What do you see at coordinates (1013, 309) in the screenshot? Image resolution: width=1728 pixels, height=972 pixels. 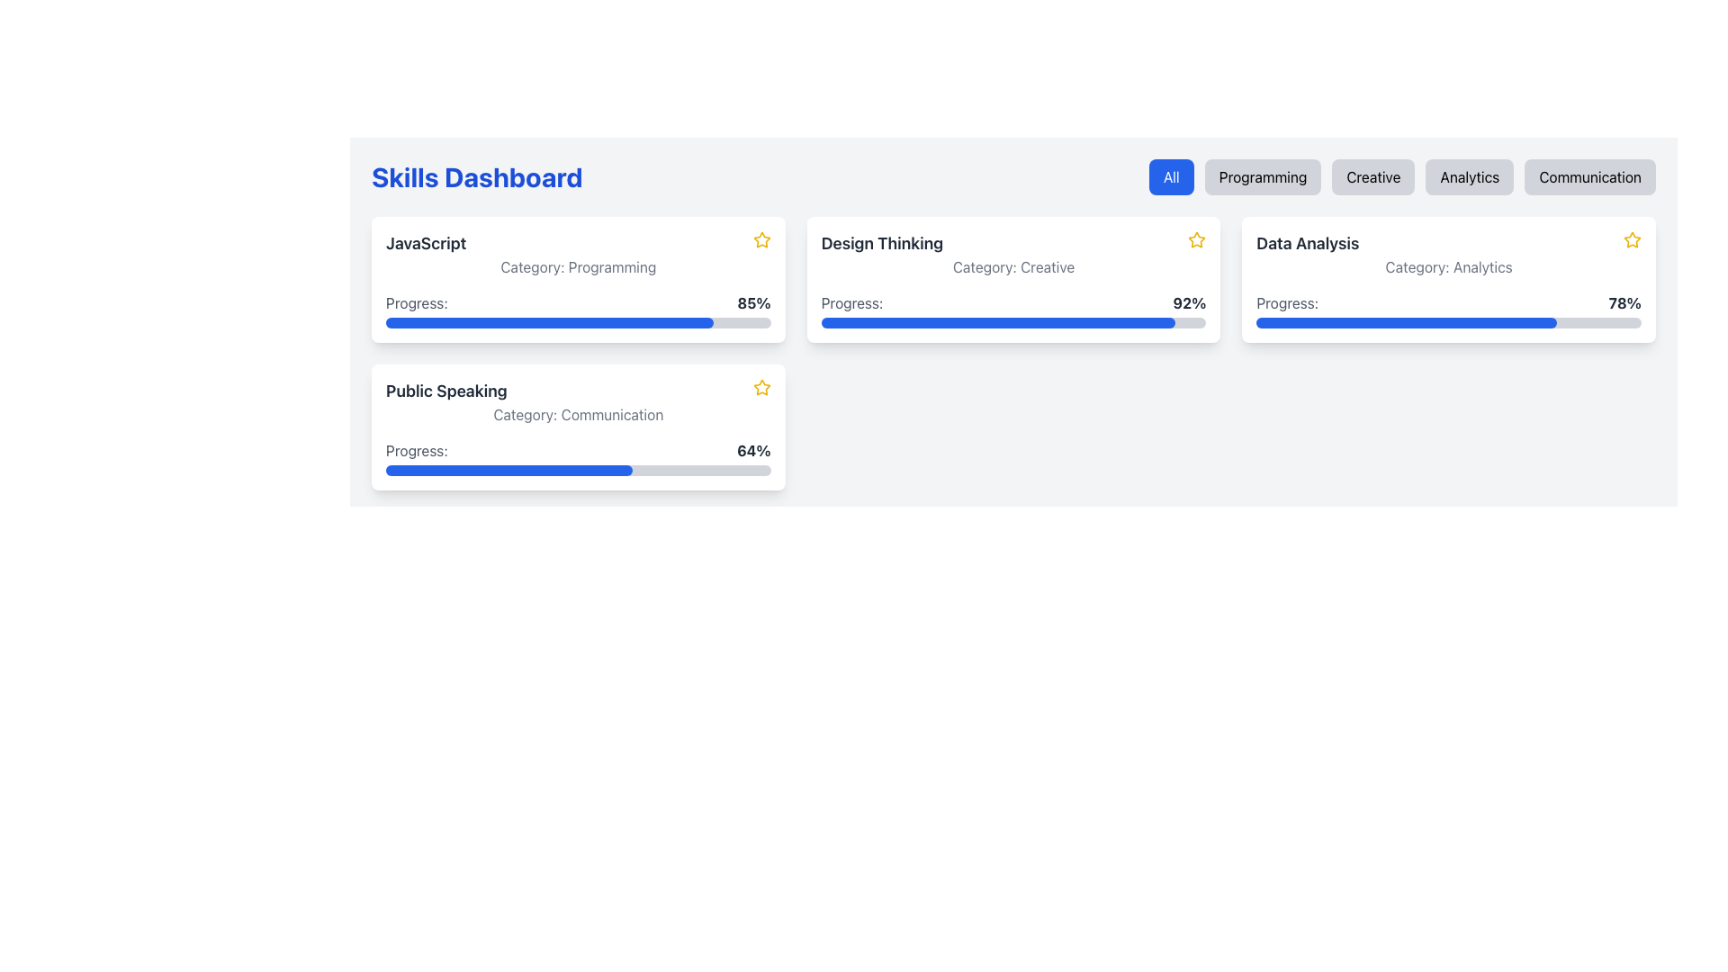 I see `the horizontal progress bar labeled 'Progress:' with a filled blue portion indicating '92%' located at the bottom of the 'Design Thinking' card in the second column of the main dashboard grid` at bounding box center [1013, 309].